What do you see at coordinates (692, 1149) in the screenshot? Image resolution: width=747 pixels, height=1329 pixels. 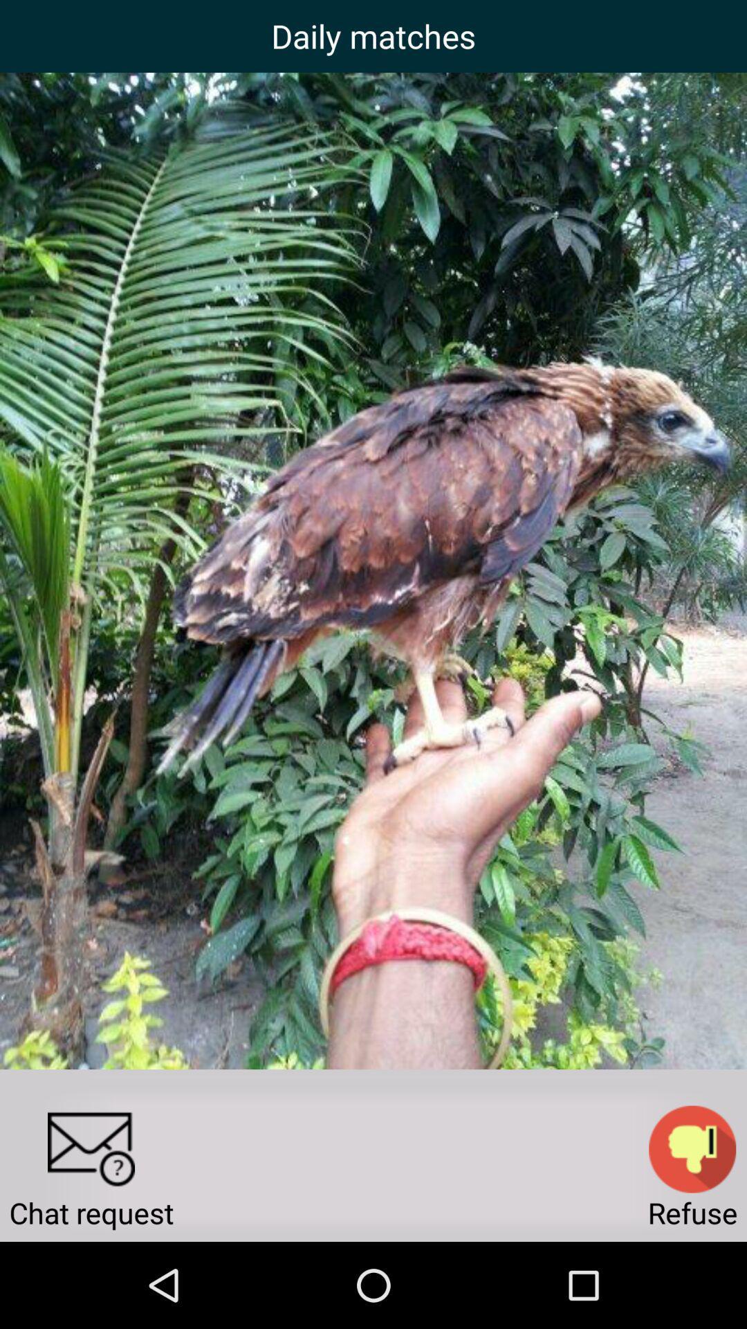 I see `the app to the right of chat request app` at bounding box center [692, 1149].